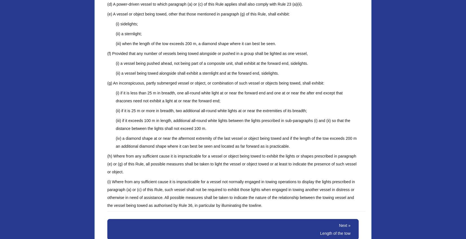 The height and width of the screenshot is (239, 466). I want to click on '(ii) a vessel being towed alongside shall exhibit a sternlight and at the forward end, sidelights.', so click(197, 73).